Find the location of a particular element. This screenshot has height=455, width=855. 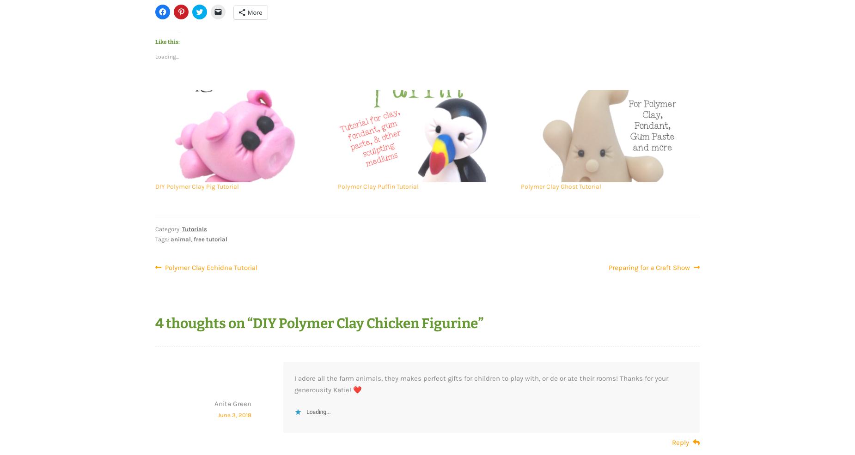

'Reply' is located at coordinates (680, 442).